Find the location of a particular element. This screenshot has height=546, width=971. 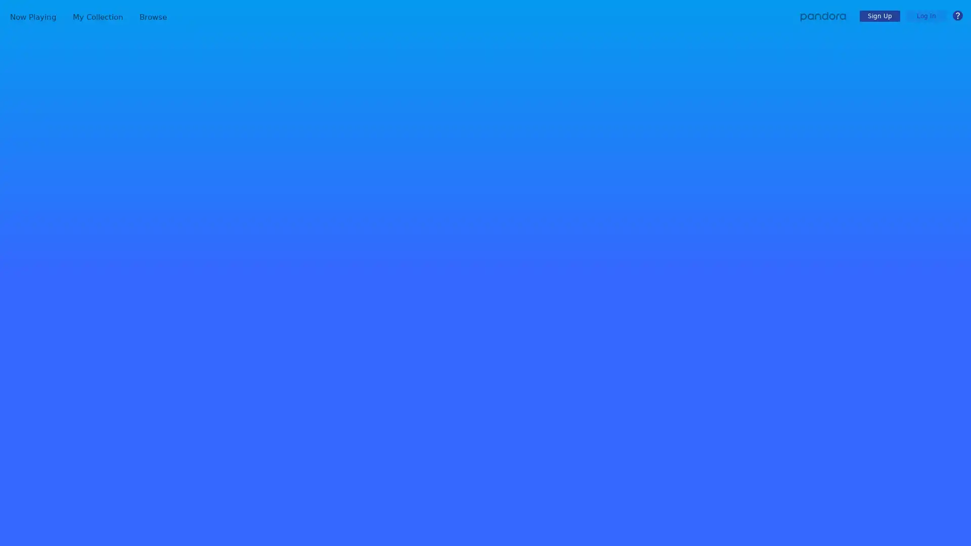

Play Ep. 44 | Blue Origins SVP Brent Sherwood on Engineering to Live and Work in Space Ep. 44 | Blue Origins SVP Brent Sherwood on Engineering to Live and Work in Space Apr 26, 2022 51:40 more ... 3... 2... 1... Liftoff! In this episode of Moores Lobby, a veteran of the aerospace industry, Brent Sherwood, Blue Origins Senior Vice President of Advanced Development Programs, discusses the barriers and breakthroughs for all nations, companies, and people to (literally) get outta this world. Sherwood shares how his childhood dream to build cities on the moon led him on an unorthodox journey to become an aerospace engineer and one of the worlds leaders in the field of space exploration. Sherwoods career has been spent living out his grown-up dreams. First at Boeing, then NASAs Jet Propulsion Laboratory (JPL), and now Blue Origin. Architecting for space exploration and habitation requires a lot of people, money, and resources. It also takes a deep knowledge of hardware, mechanical, electrical, and industrial engineering in this new space architecture field. Sherwood brings us behind the scenes of both his experiences and Blue Origins projects and goals. Sherwood addresses earth's fragility and spaces potential for human civilization and the development of new energy and material resources. Blue Origin is looking to dramatically reduce the cost and risk for people to pursue these goals and turn these dreams into reality. Science Fiction is Becoming a Science Reality Listen in on this great conversation with Brent Sherwood. Highlights include: -Why part of space is like living inside of a VCR -How many sunrises and sunsets happen in space each day -How power sources (e.g., sun and nuclear) will play critical roles in creating and maintaining space architecture -Design for reusable liquid rocket engines, microgravity, and timeless aesthetics -The vision behind Blue Origins Orbital Reef - a commercially developed, owned, and operated space station scheduled to orbit by the end of this decade (thats 2030less 8 years away!) -Sherwood discusses his favorite celestial body (everyone has one of those, right?) is located at coordinates (650, 481).